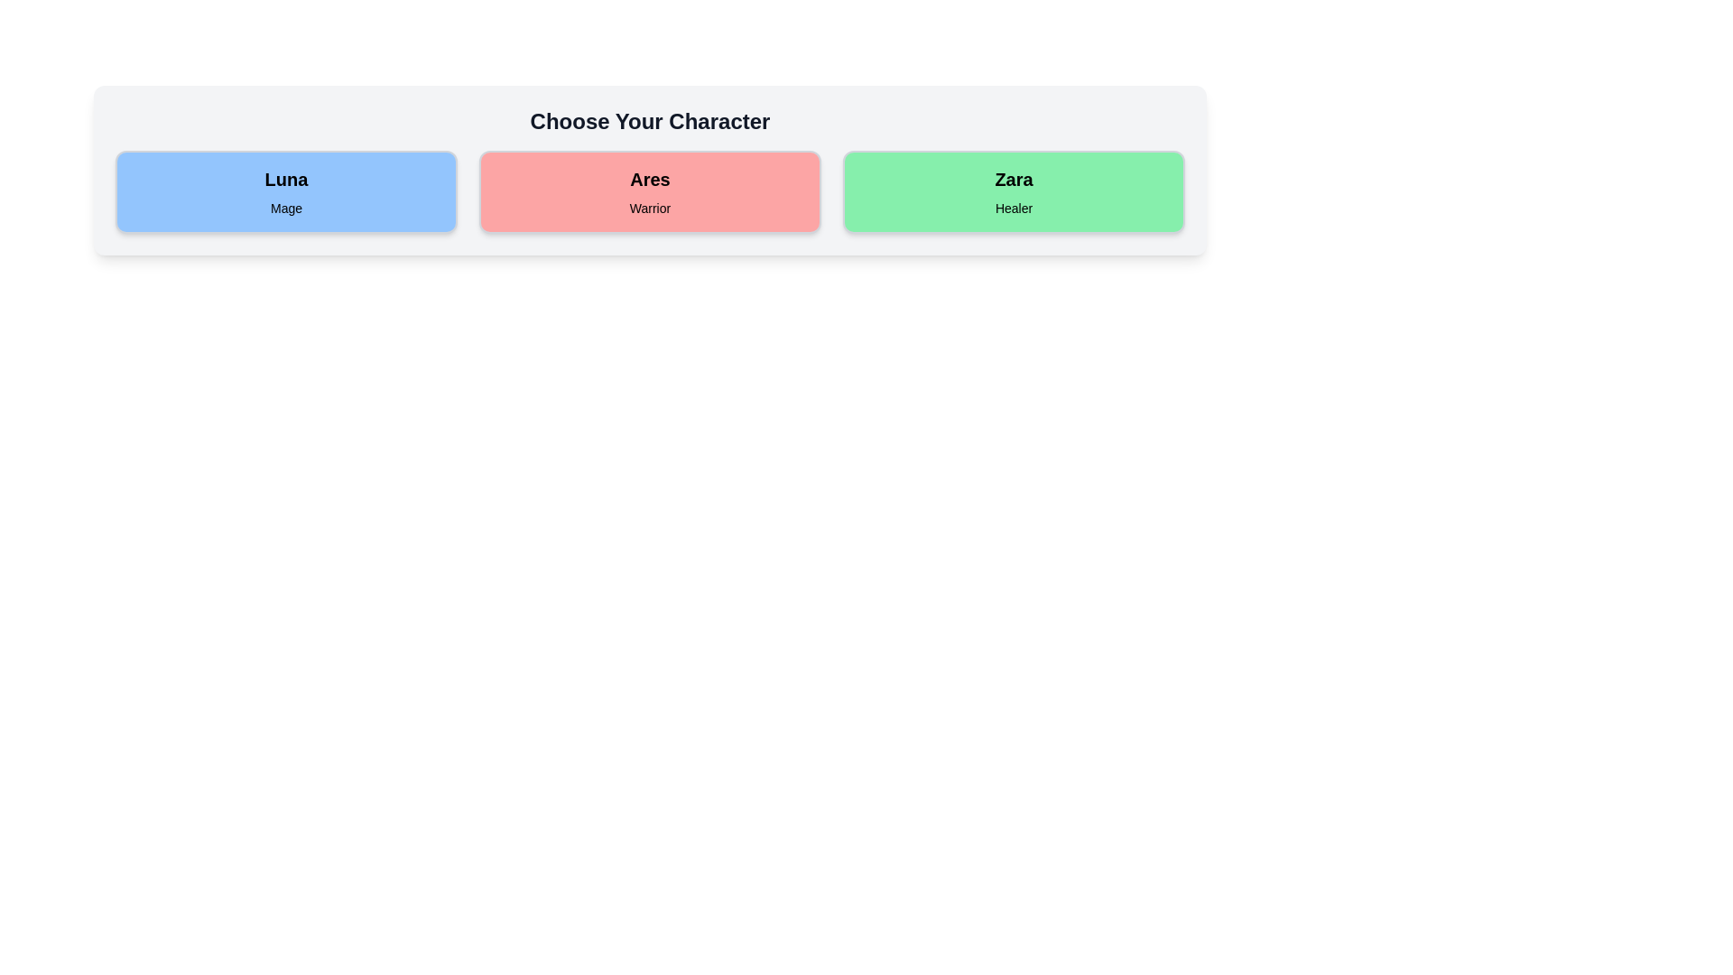  I want to click on the character card for Ares, so click(650, 191).